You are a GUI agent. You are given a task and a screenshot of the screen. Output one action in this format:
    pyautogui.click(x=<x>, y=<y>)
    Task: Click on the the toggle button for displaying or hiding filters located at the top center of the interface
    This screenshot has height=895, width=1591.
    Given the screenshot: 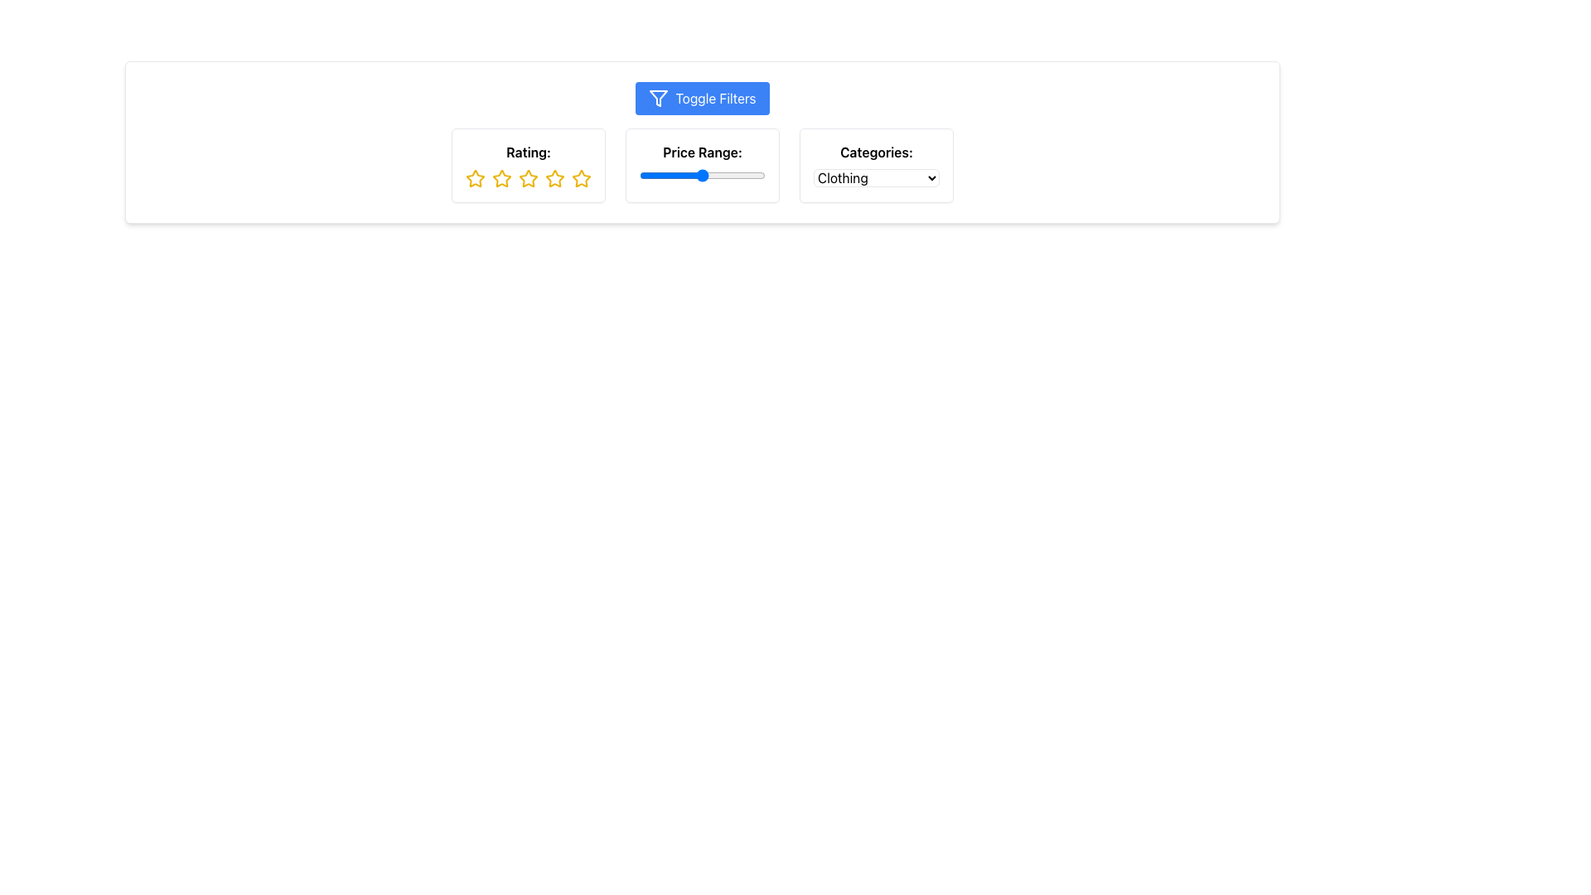 What is the action you would take?
    pyautogui.click(x=703, y=99)
    